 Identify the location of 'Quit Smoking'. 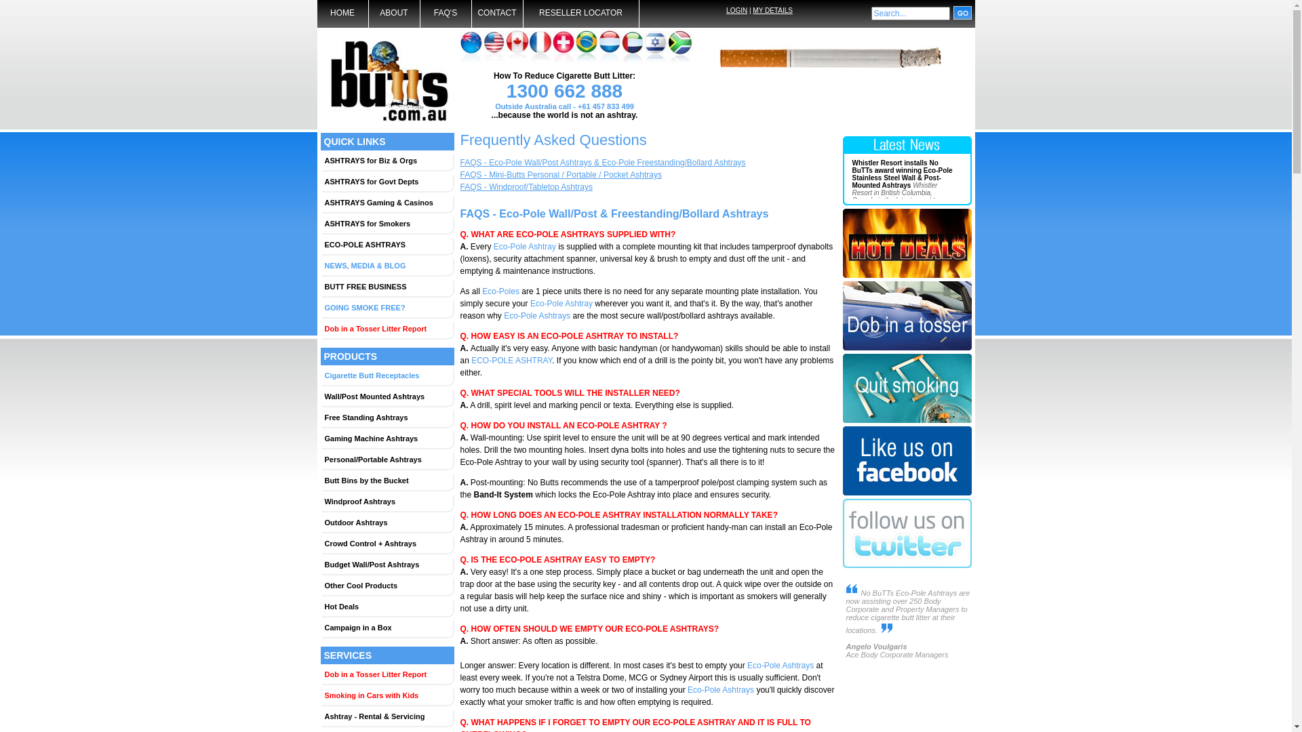
(907, 422).